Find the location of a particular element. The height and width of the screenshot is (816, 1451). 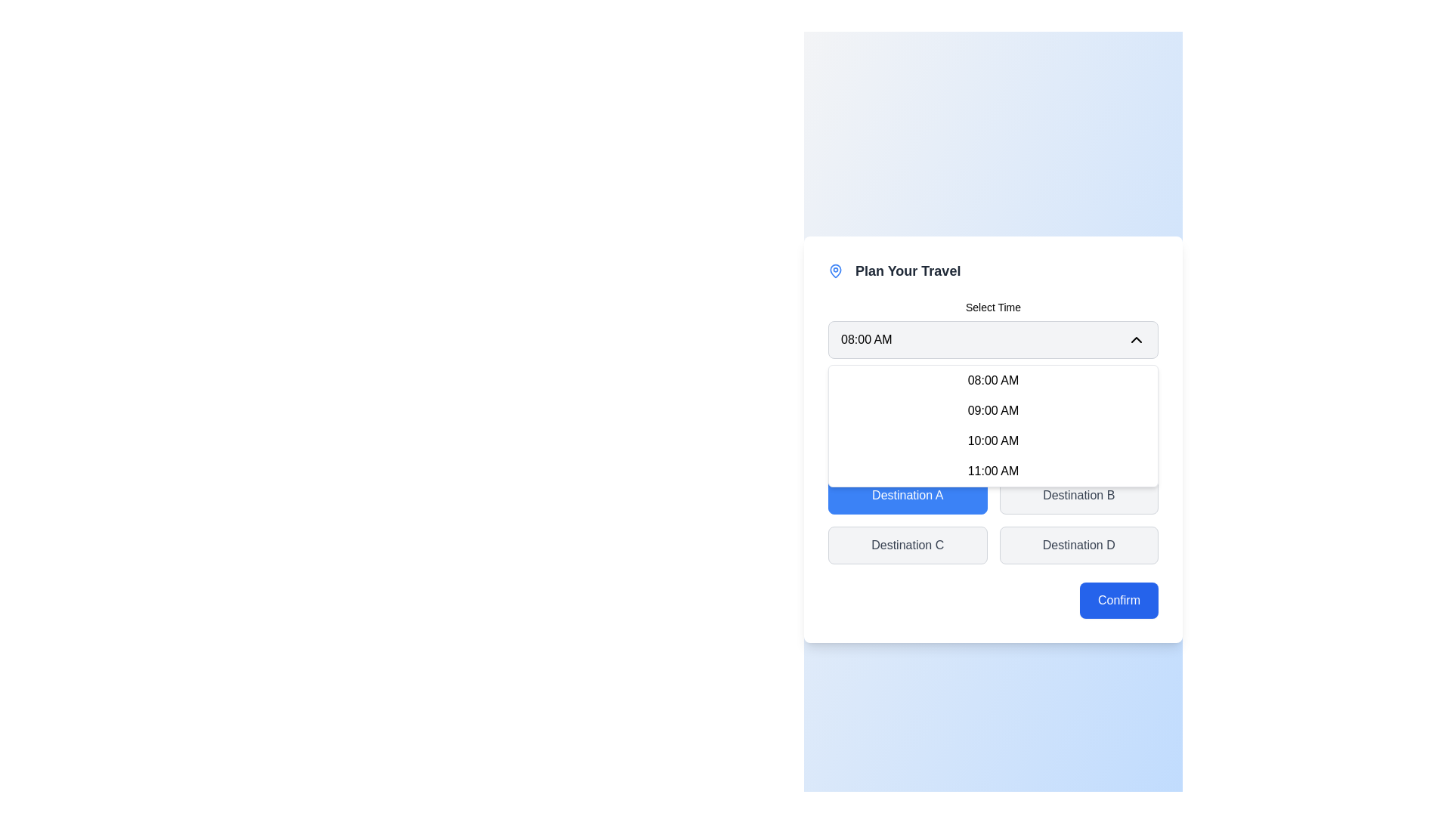

the 'Destination D' button located at the bottom right of the 2x2 grid of buttons, below the 'Select Time' dropdown is located at coordinates (1078, 545).